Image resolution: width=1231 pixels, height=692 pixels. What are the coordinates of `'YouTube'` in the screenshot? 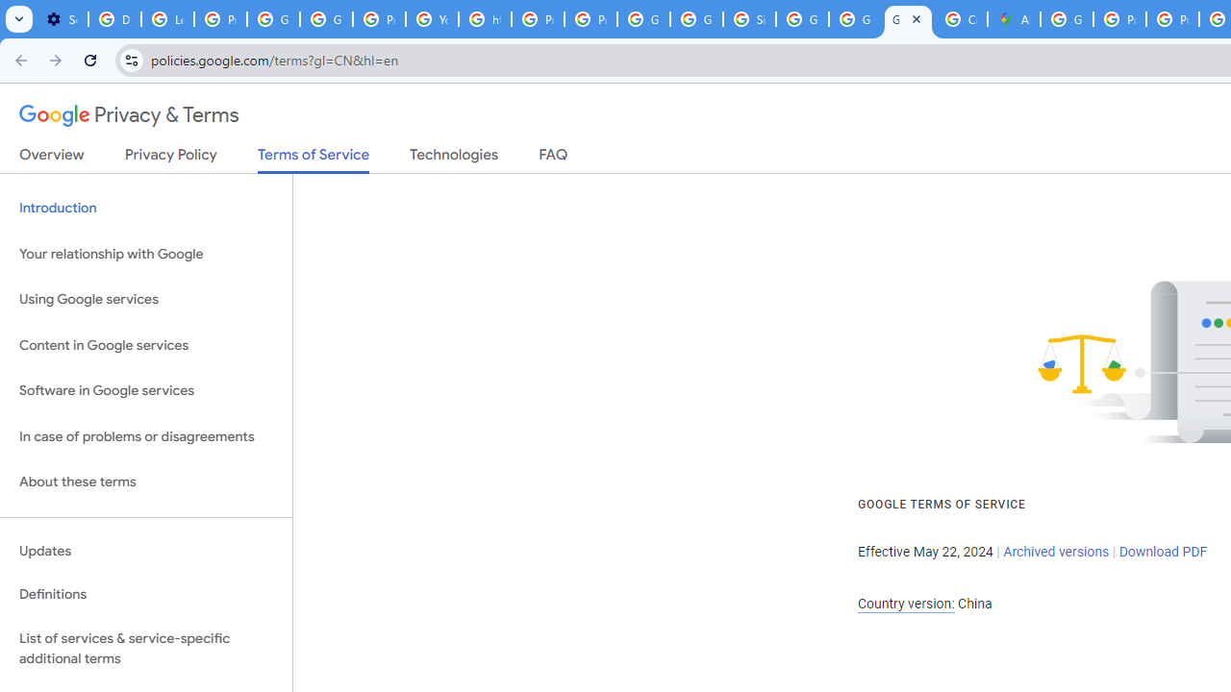 It's located at (431, 19).